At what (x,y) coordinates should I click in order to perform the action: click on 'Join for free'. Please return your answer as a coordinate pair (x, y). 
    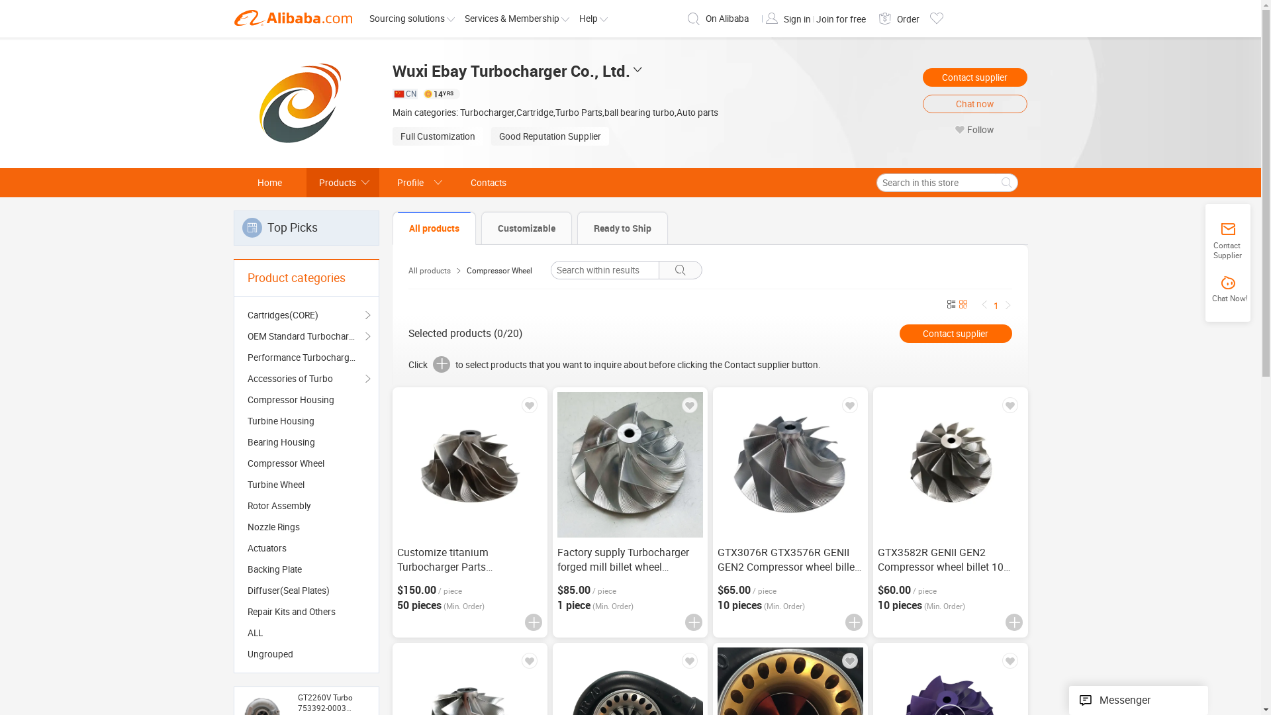
    Looking at the image, I should click on (839, 19).